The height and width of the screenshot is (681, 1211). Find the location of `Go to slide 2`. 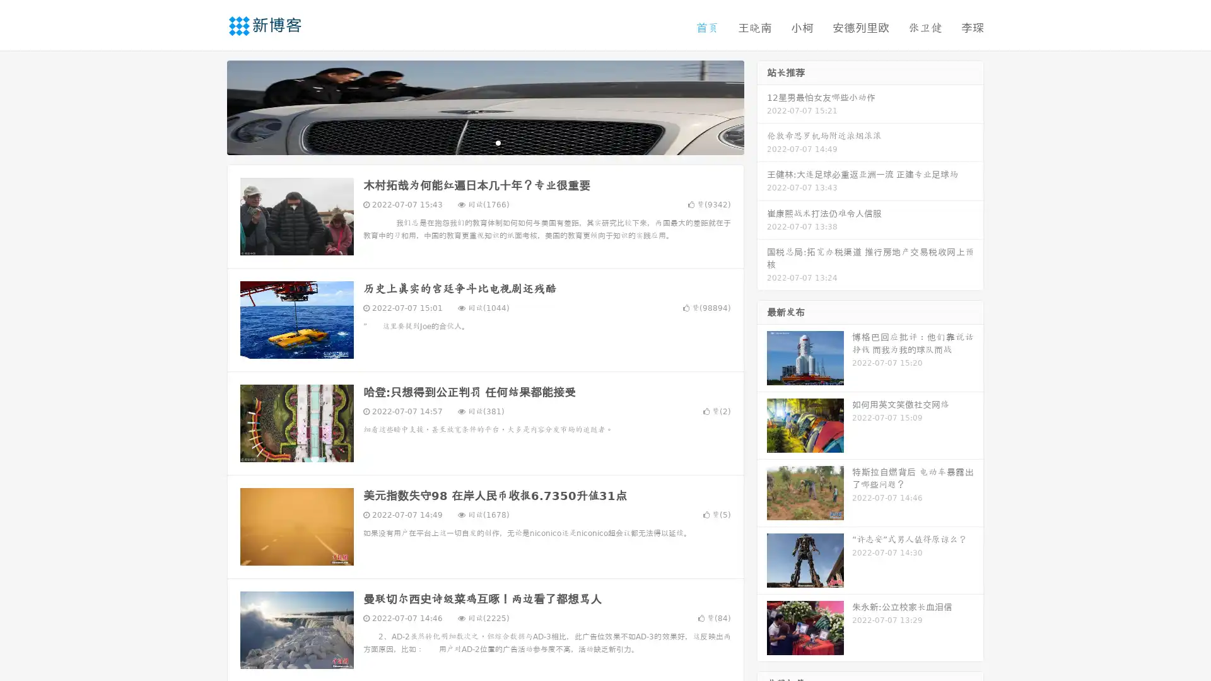

Go to slide 2 is located at coordinates (484, 142).